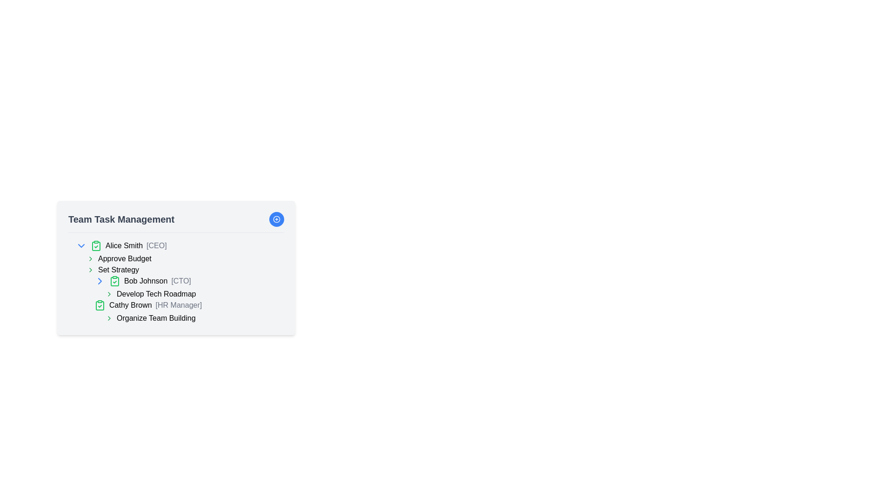 This screenshot has height=502, width=893. Describe the element at coordinates (276, 219) in the screenshot. I see `the button located` at that location.